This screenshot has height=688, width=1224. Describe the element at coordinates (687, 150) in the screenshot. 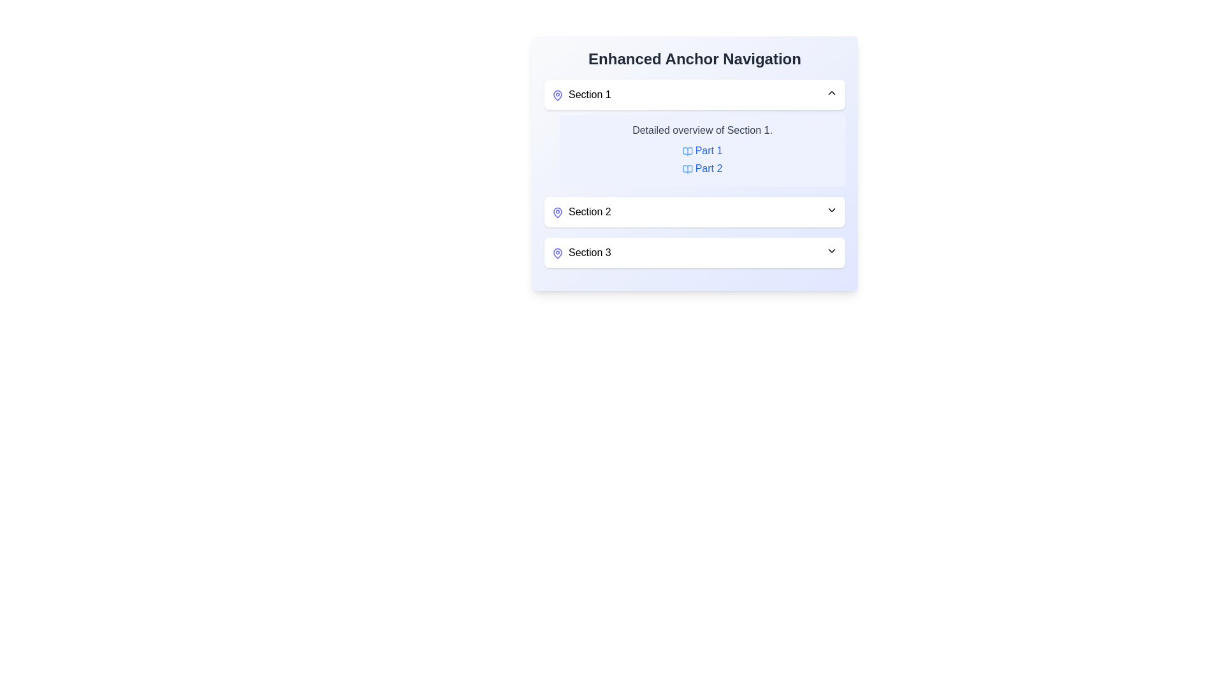

I see `icon that visually represents 'Part 1', located inside the hyperlink labeled 'Part 1' in 'Section 1', at the left side of the clickable text` at that location.